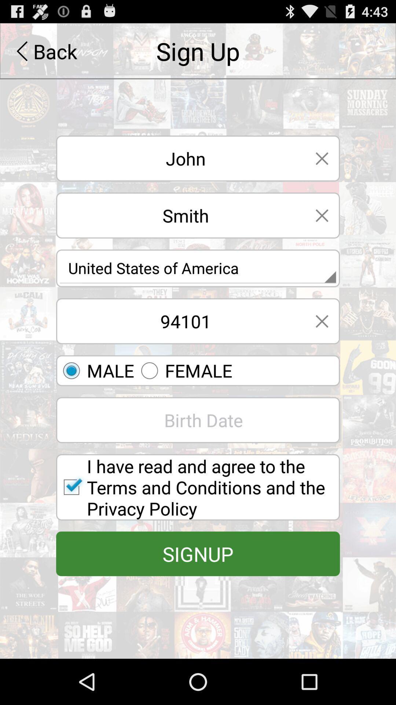 This screenshot has width=396, height=705. Describe the element at coordinates (198, 420) in the screenshot. I see `birthday` at that location.